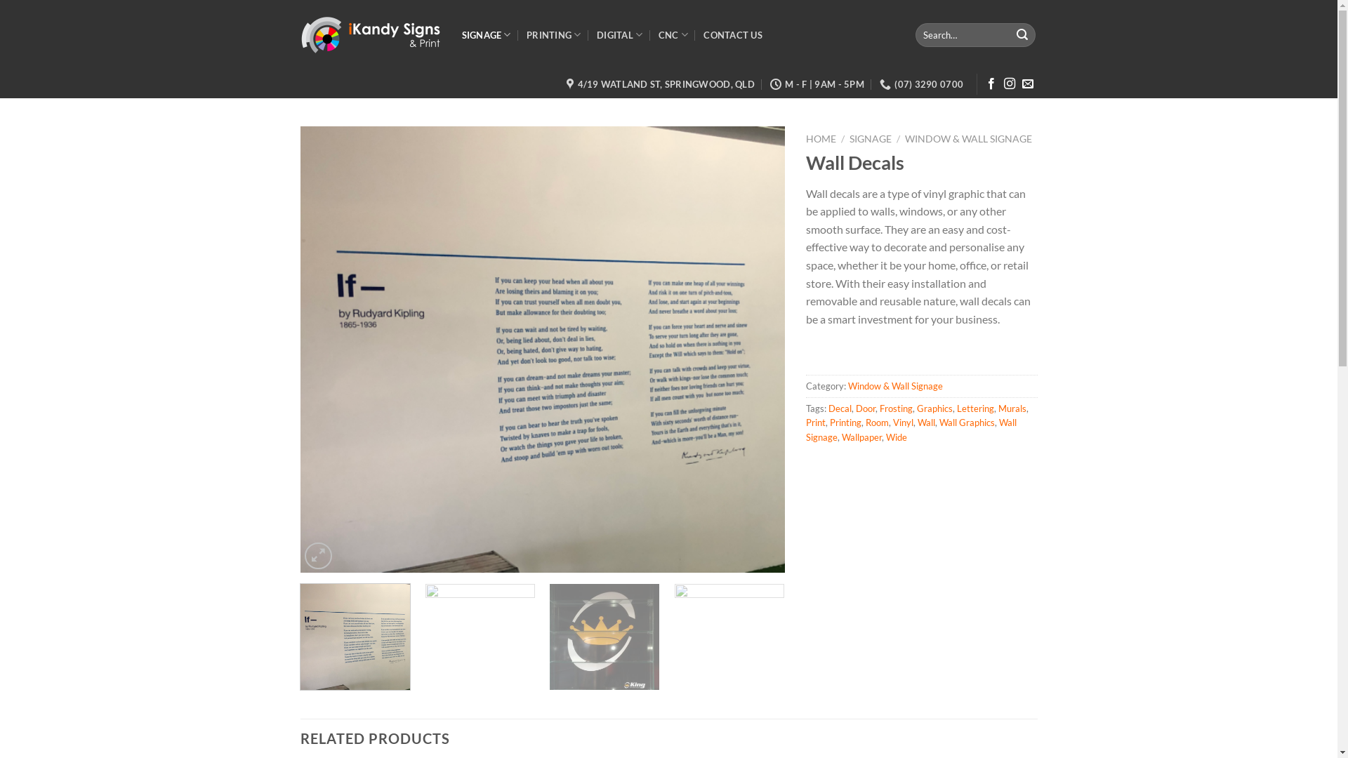  I want to click on 'Wallpaper', so click(860, 437).